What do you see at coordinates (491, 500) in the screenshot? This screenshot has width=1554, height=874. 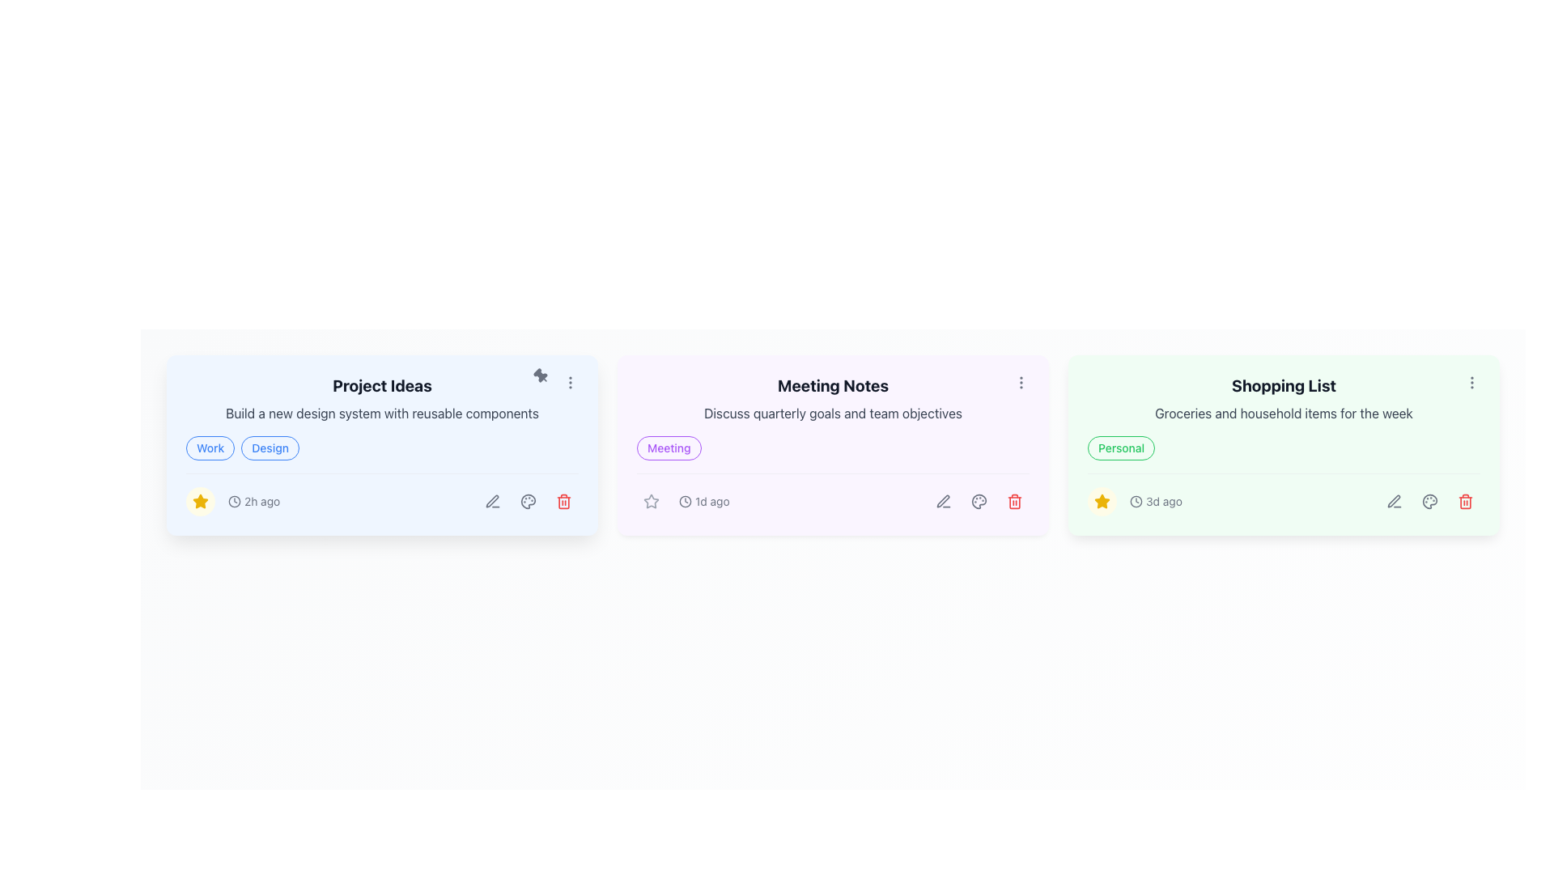 I see `the small pen icon in the 'Project Ideas' card, which is the fourth icon from the left in the action icons row` at bounding box center [491, 500].